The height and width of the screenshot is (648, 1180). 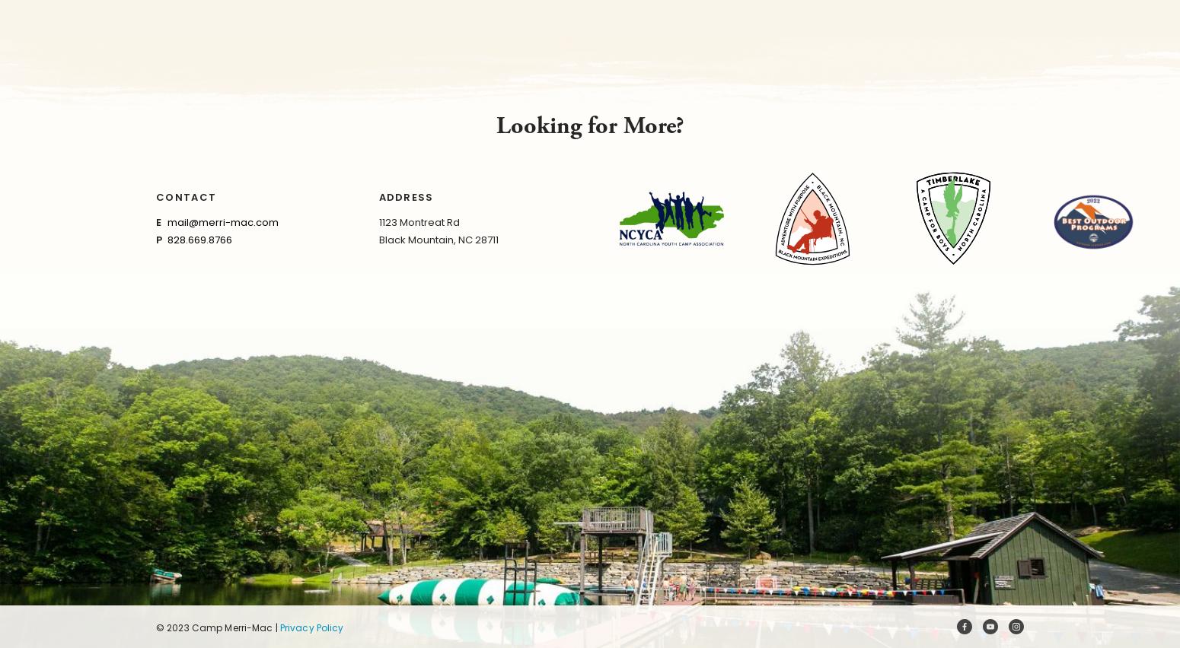 I want to click on 'Address', so click(x=405, y=197).